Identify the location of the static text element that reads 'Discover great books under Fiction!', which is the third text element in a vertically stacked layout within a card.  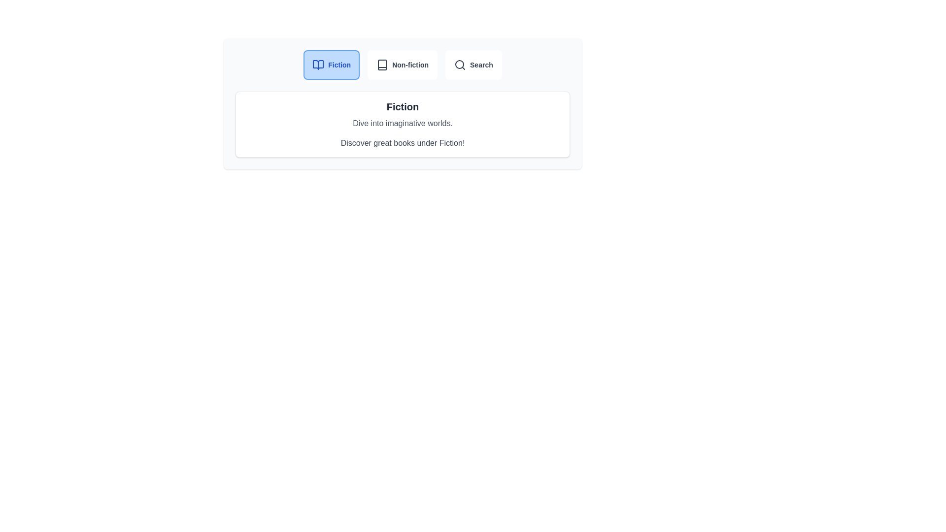
(403, 143).